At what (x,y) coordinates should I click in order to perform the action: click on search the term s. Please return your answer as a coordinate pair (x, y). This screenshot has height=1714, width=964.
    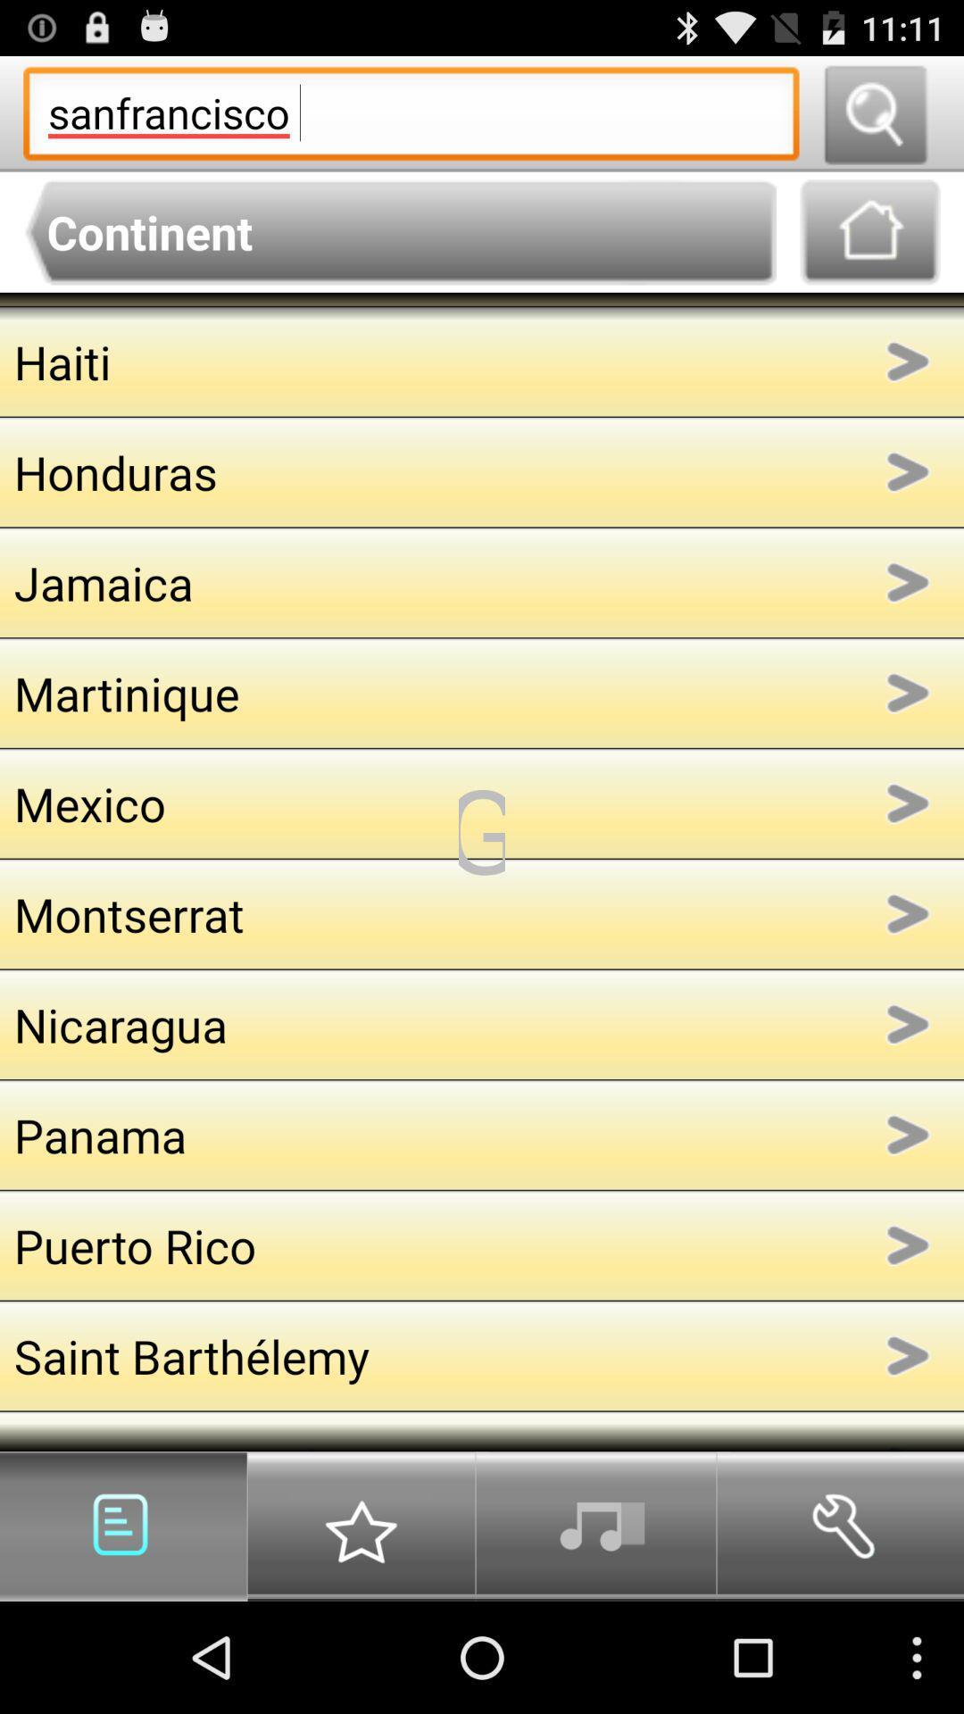
    Looking at the image, I should click on (874, 112).